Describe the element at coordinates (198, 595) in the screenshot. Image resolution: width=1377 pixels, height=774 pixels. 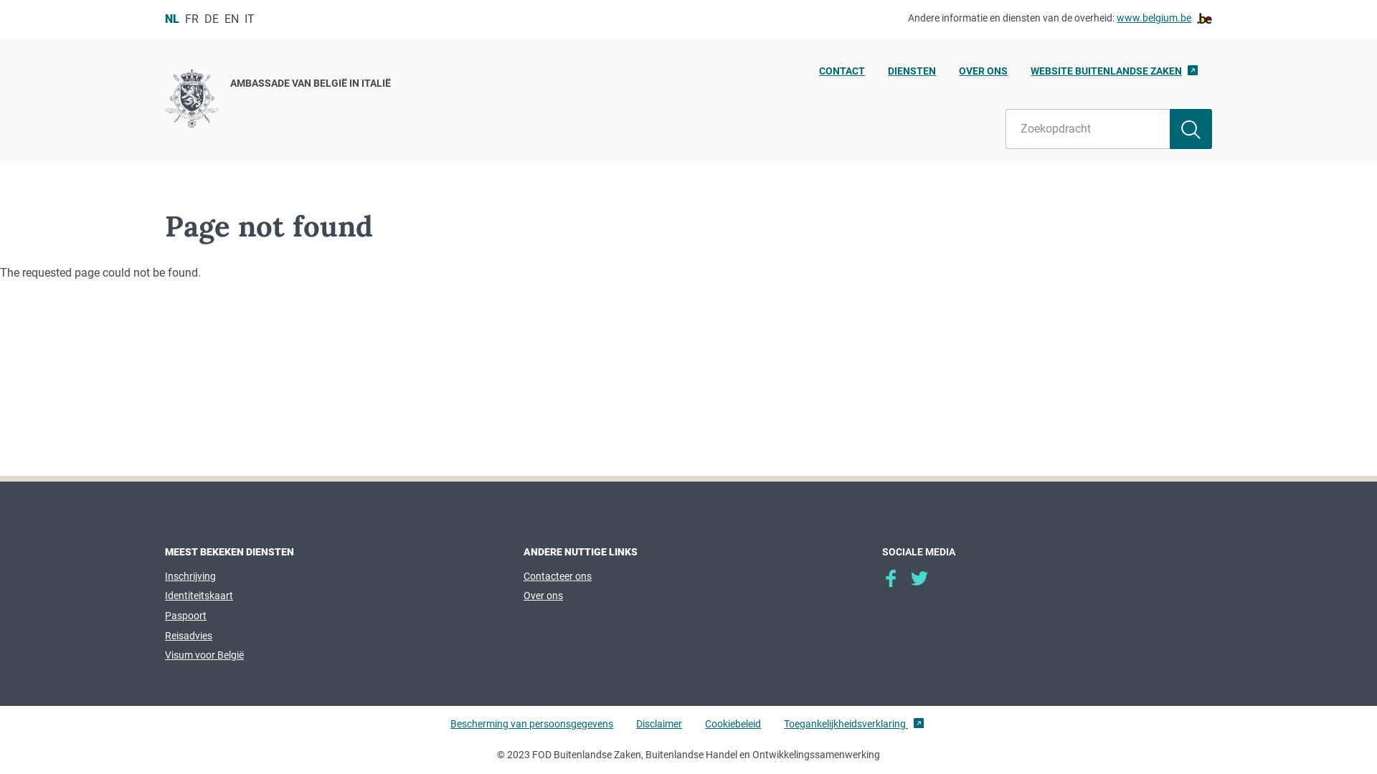
I see `'Identiteitskaart'` at that location.